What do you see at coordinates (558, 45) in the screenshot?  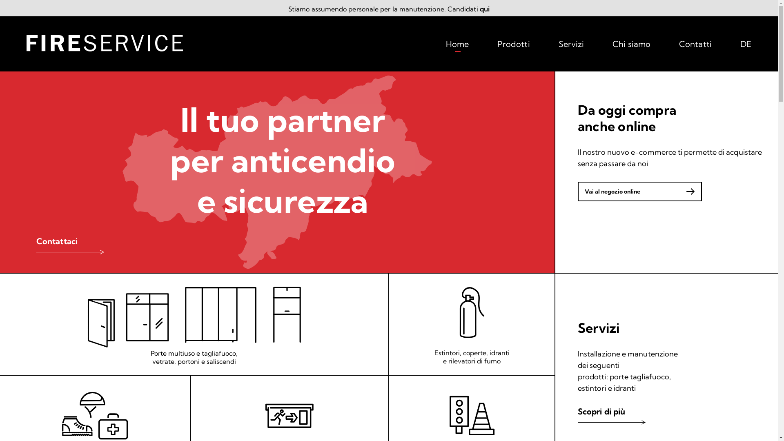 I see `'Servizi'` at bounding box center [558, 45].